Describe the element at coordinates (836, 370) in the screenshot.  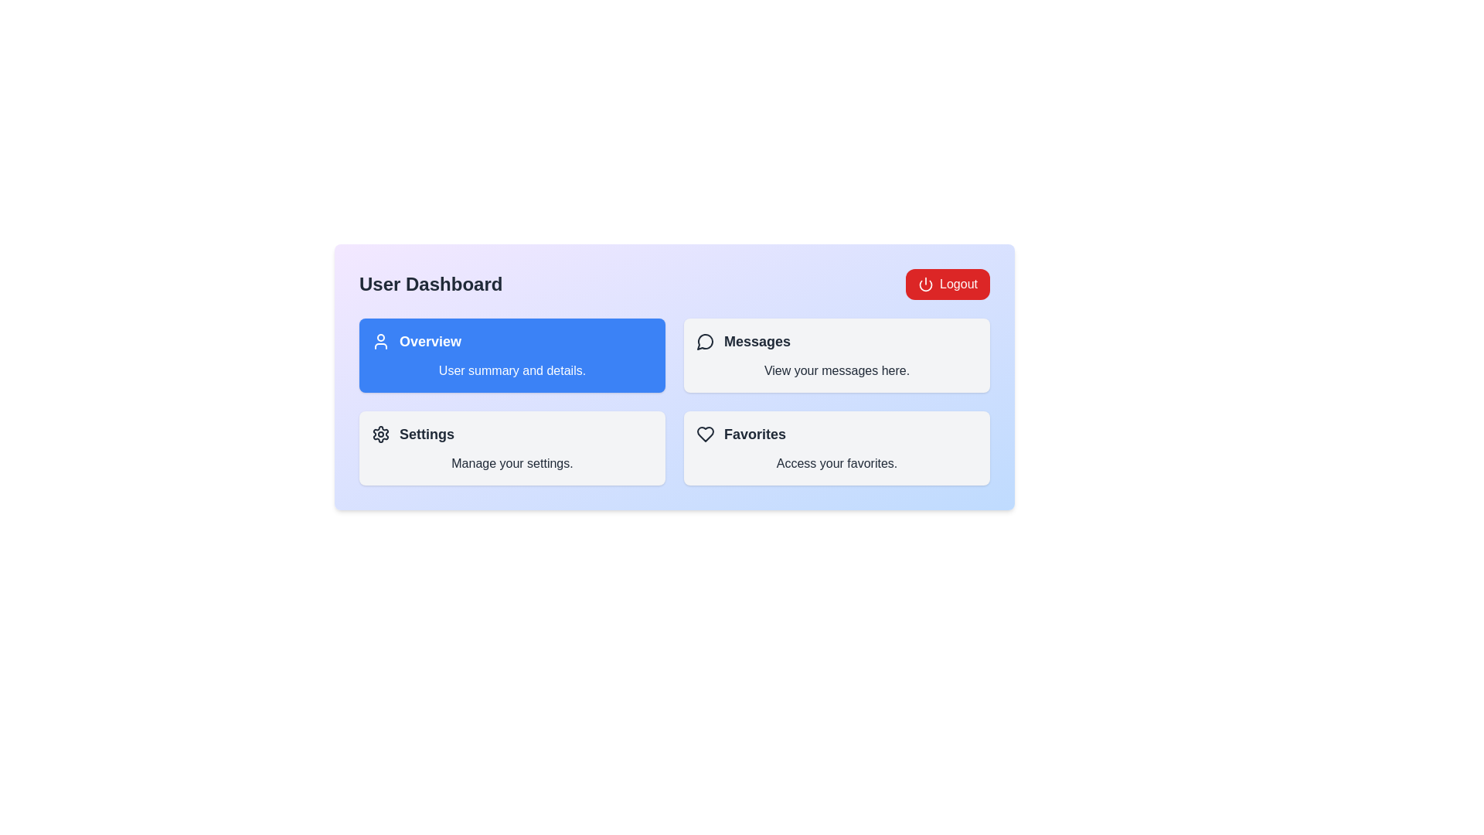
I see `the label that contains the text 'View your messages here.' located in the bottom section of a button-like group in the upper-right section of the main interface grid` at that location.